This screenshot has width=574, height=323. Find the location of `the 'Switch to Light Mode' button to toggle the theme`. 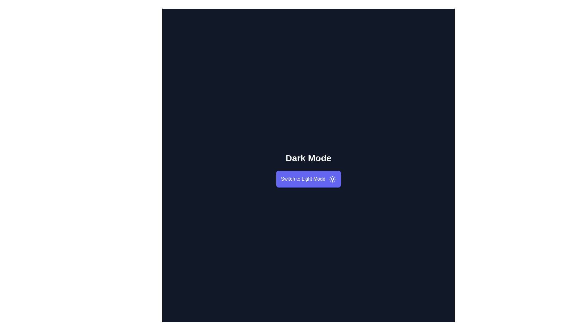

the 'Switch to Light Mode' button to toggle the theme is located at coordinates (309, 179).